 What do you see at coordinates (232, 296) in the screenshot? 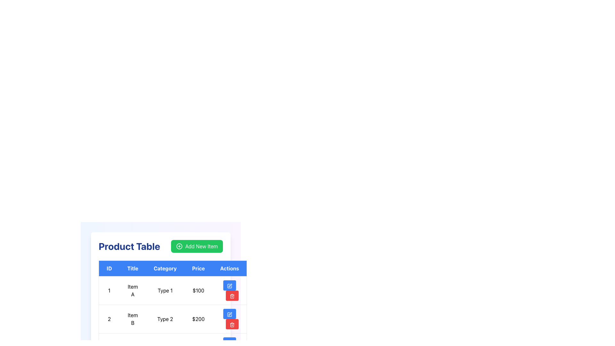
I see `the trash icon button, which is a red rectangular button with a white trash can symbol, located in the 'Actions' column of the 'Product Table' for 'Item B'` at bounding box center [232, 296].